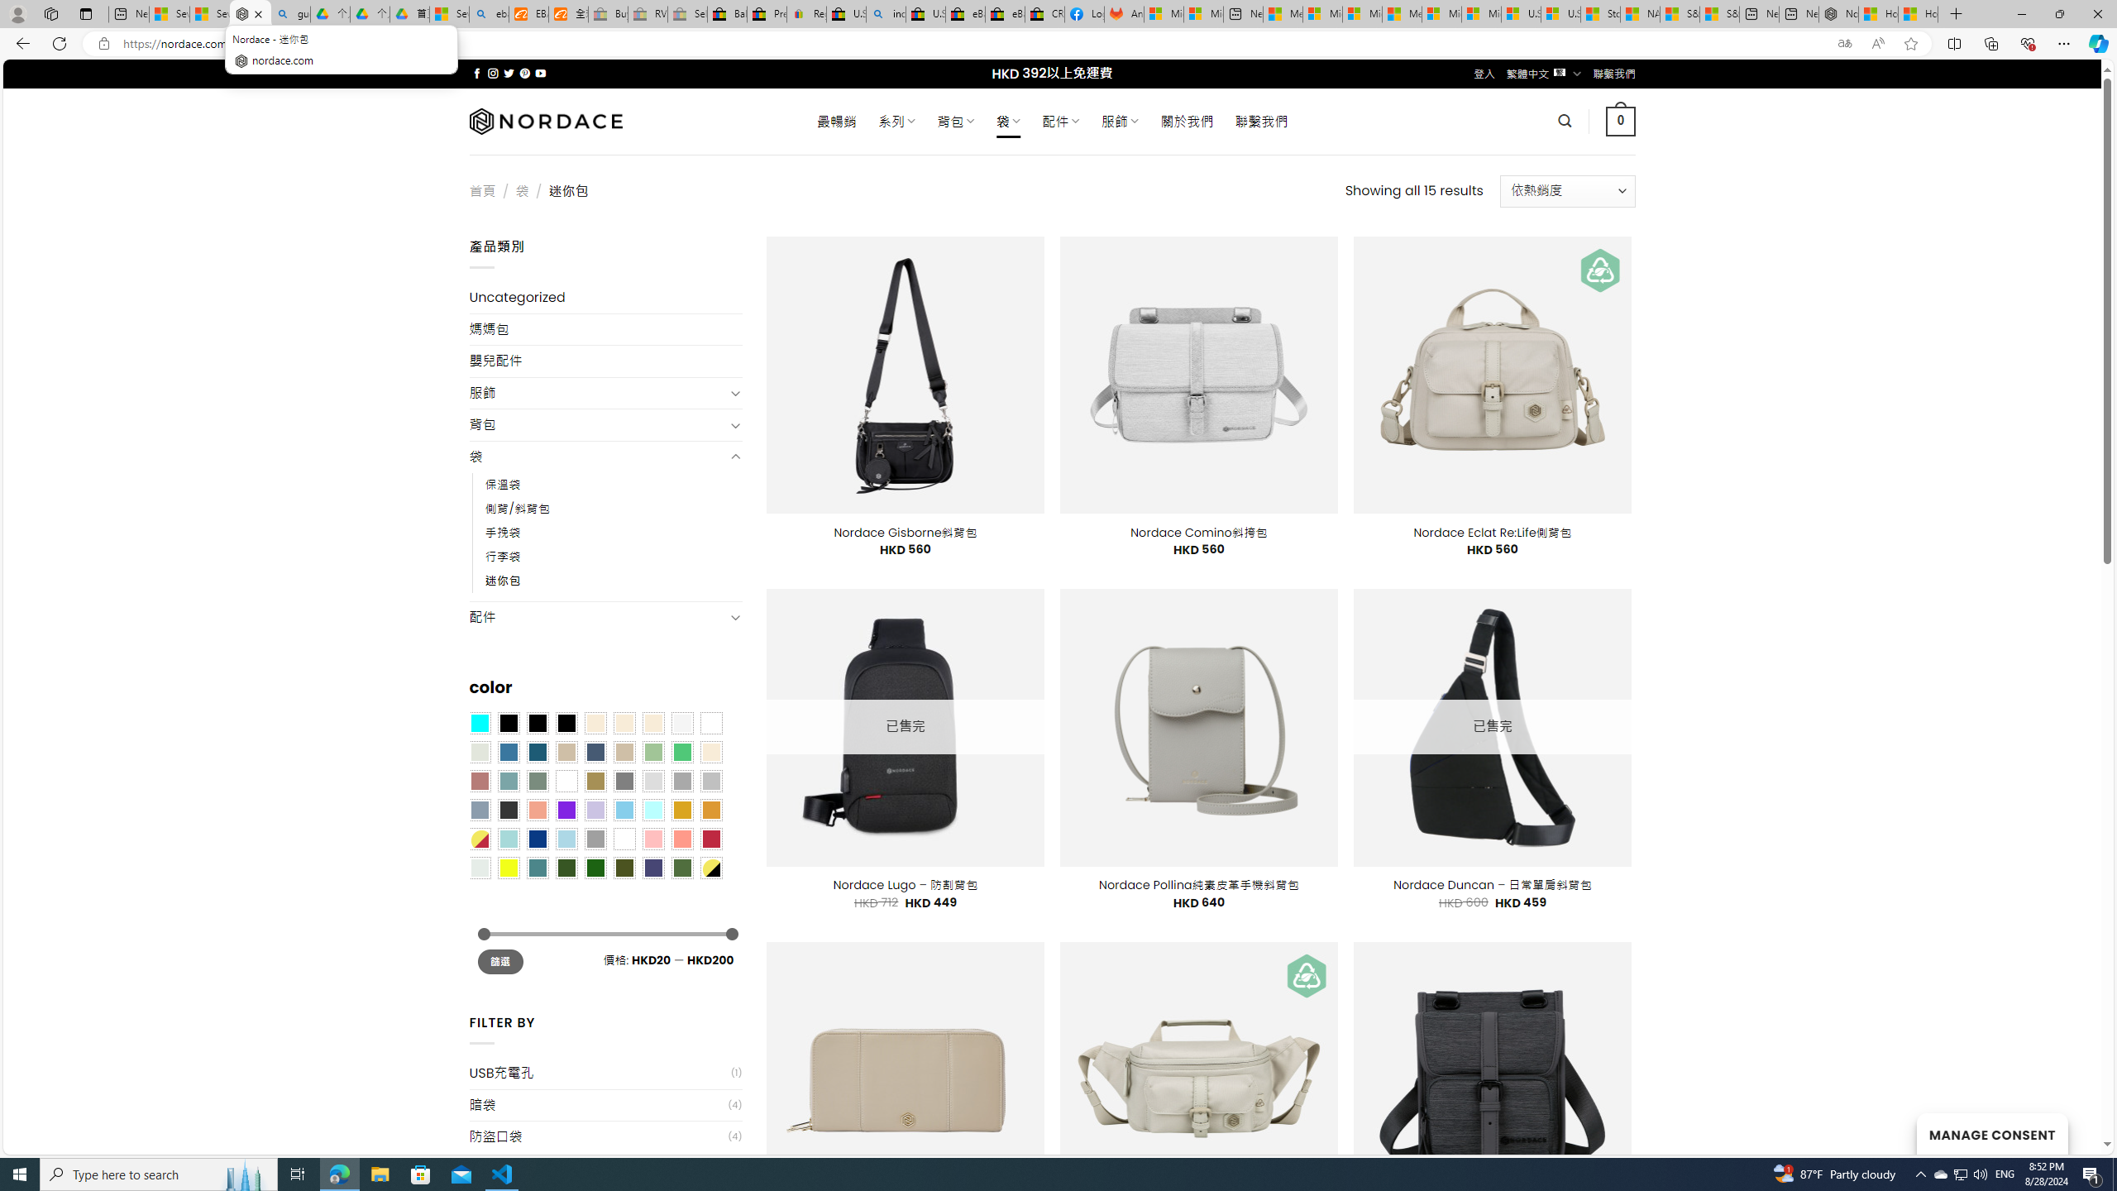 The width and height of the screenshot is (2117, 1191). What do you see at coordinates (509, 73) in the screenshot?
I see `'Follow on Twitter'` at bounding box center [509, 73].